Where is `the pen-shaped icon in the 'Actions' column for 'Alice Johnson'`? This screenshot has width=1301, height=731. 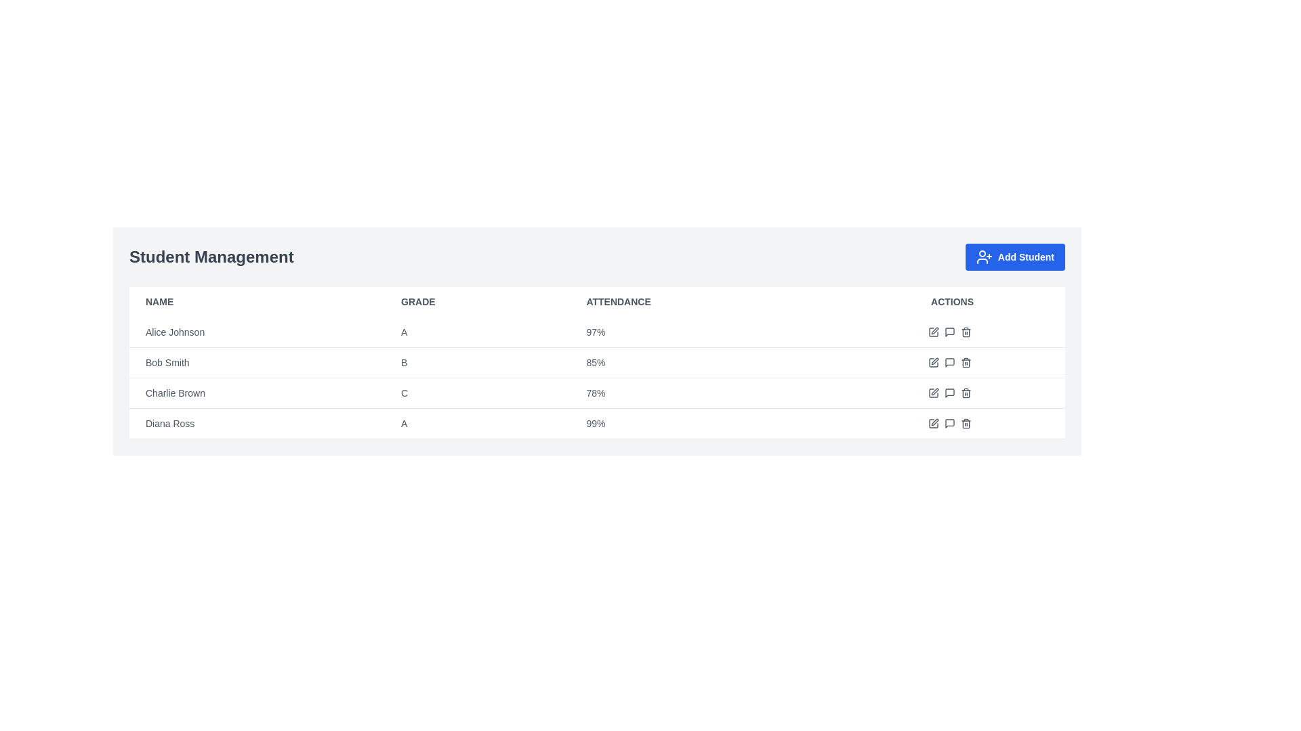
the pen-shaped icon in the 'Actions' column for 'Alice Johnson' is located at coordinates (932, 332).